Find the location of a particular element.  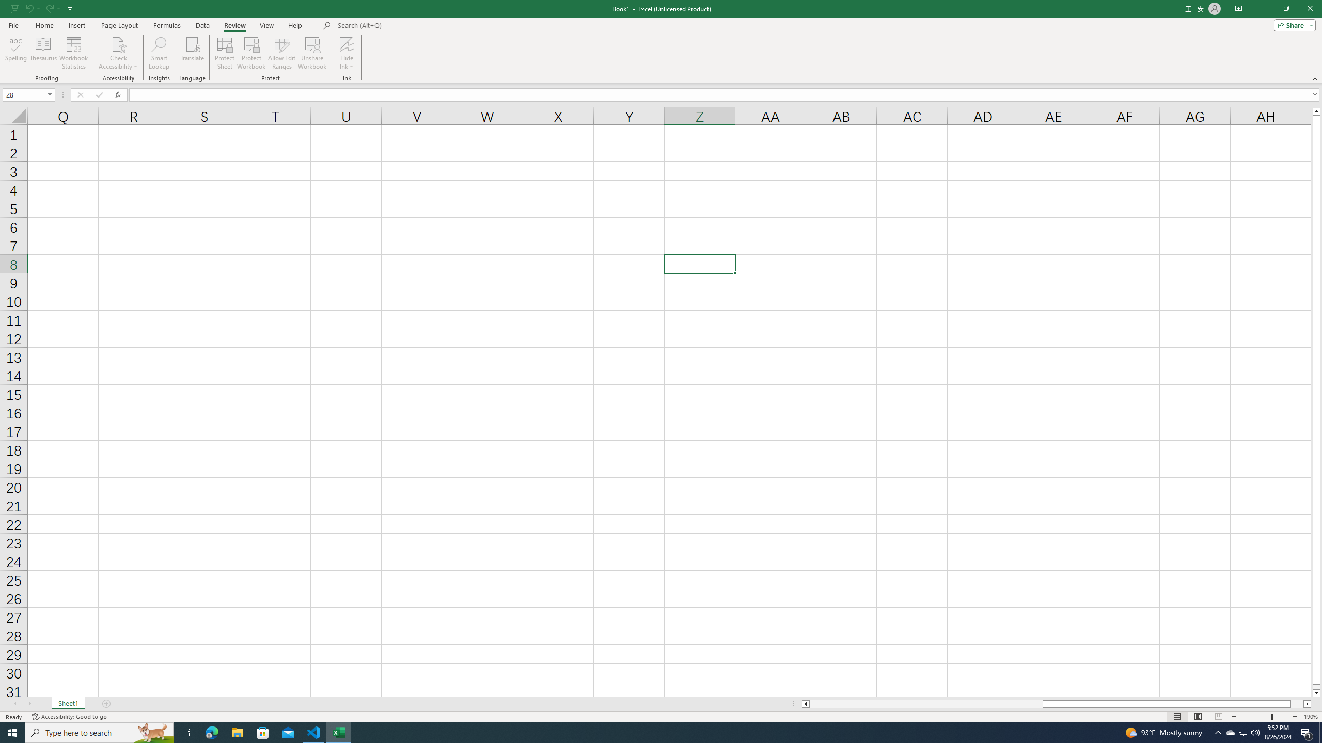

'Unshare Workbook' is located at coordinates (312, 53).